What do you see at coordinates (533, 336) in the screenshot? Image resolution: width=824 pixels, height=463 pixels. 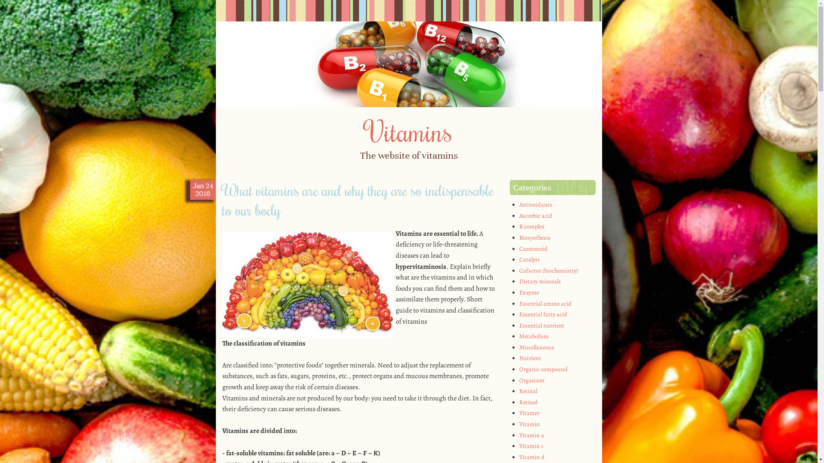 I see `'Metabolism'` at bounding box center [533, 336].